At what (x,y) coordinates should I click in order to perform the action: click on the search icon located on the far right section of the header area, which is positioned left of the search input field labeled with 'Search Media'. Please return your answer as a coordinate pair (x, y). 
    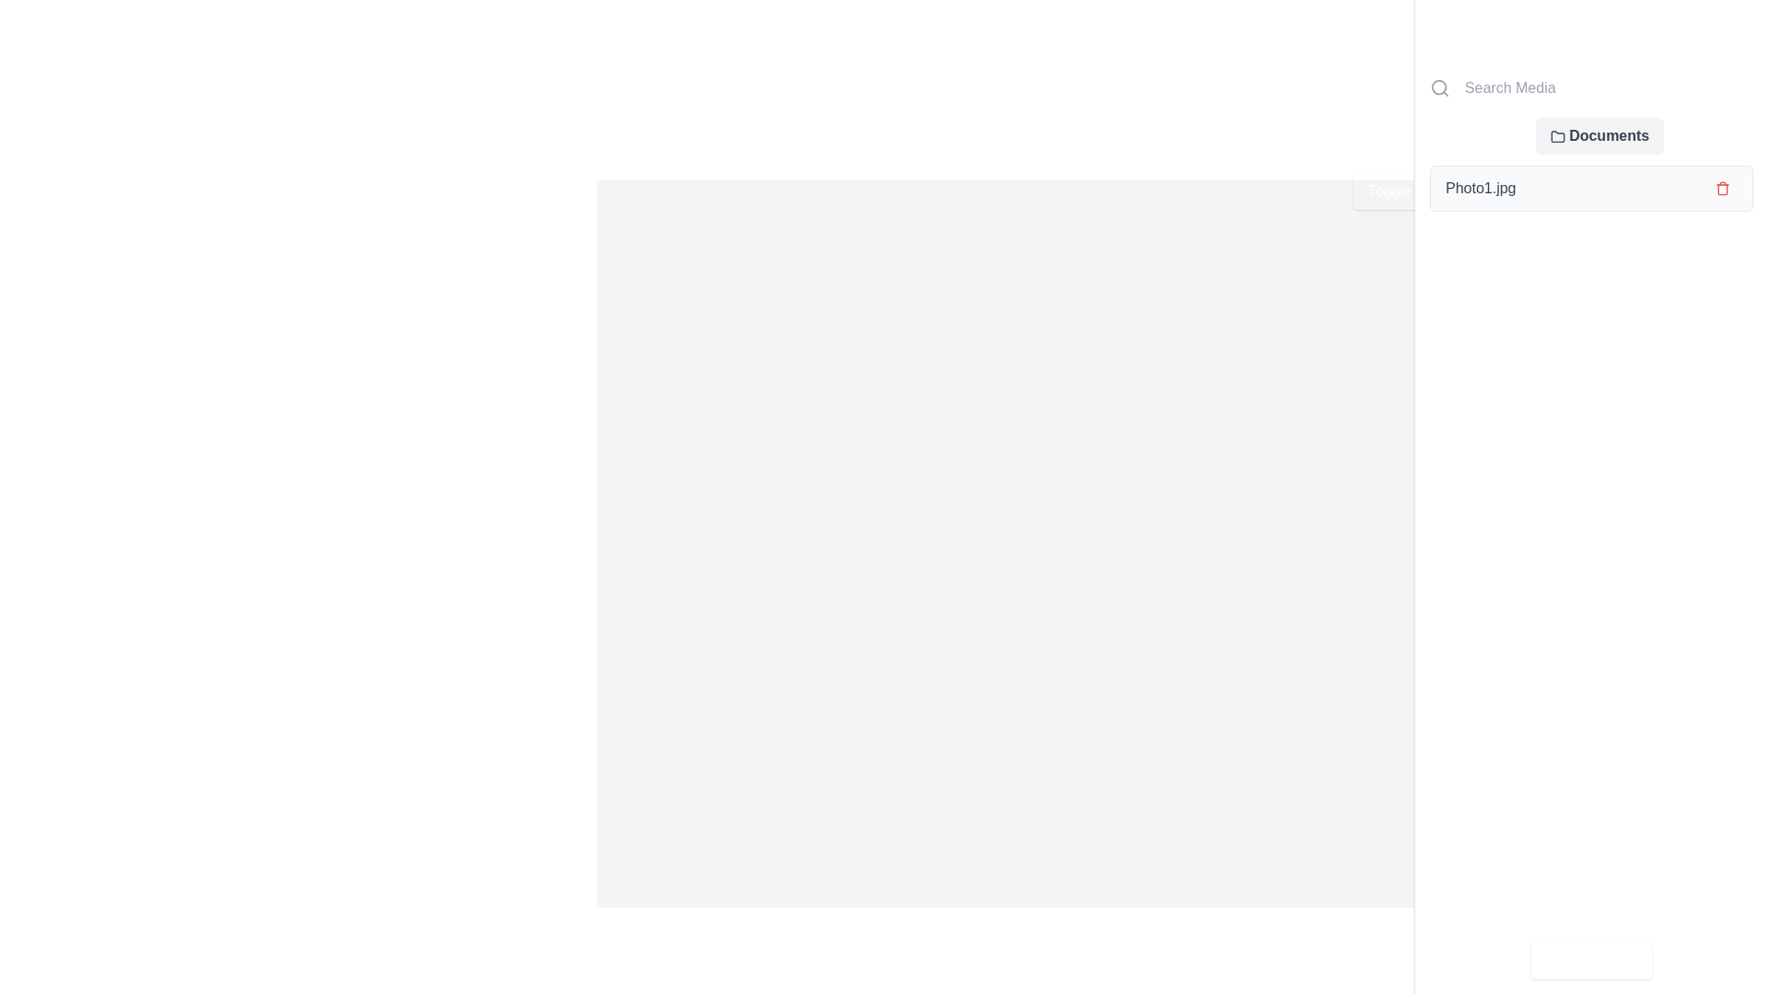
    Looking at the image, I should click on (1438, 88).